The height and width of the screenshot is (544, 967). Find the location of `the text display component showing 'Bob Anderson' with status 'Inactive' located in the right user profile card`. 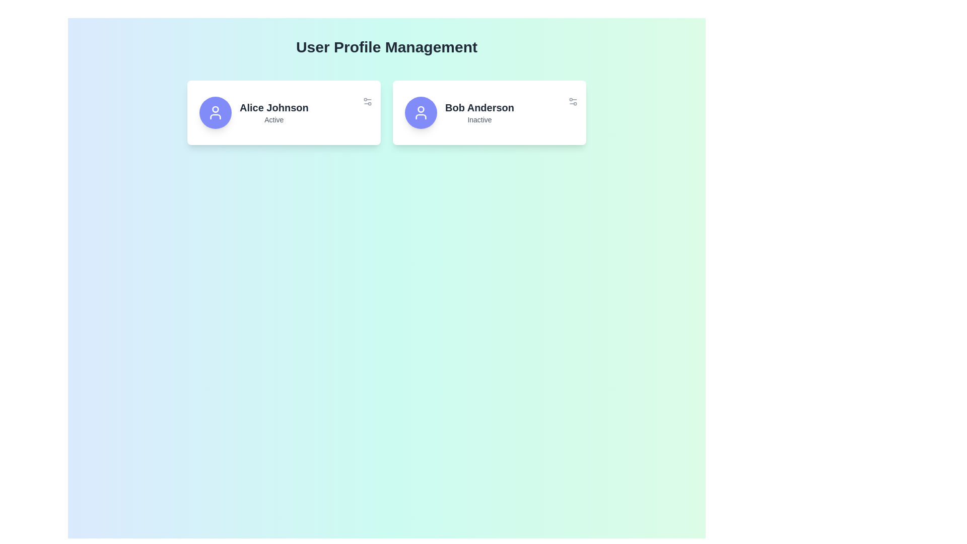

the text display component showing 'Bob Anderson' with status 'Inactive' located in the right user profile card is located at coordinates (479, 112).